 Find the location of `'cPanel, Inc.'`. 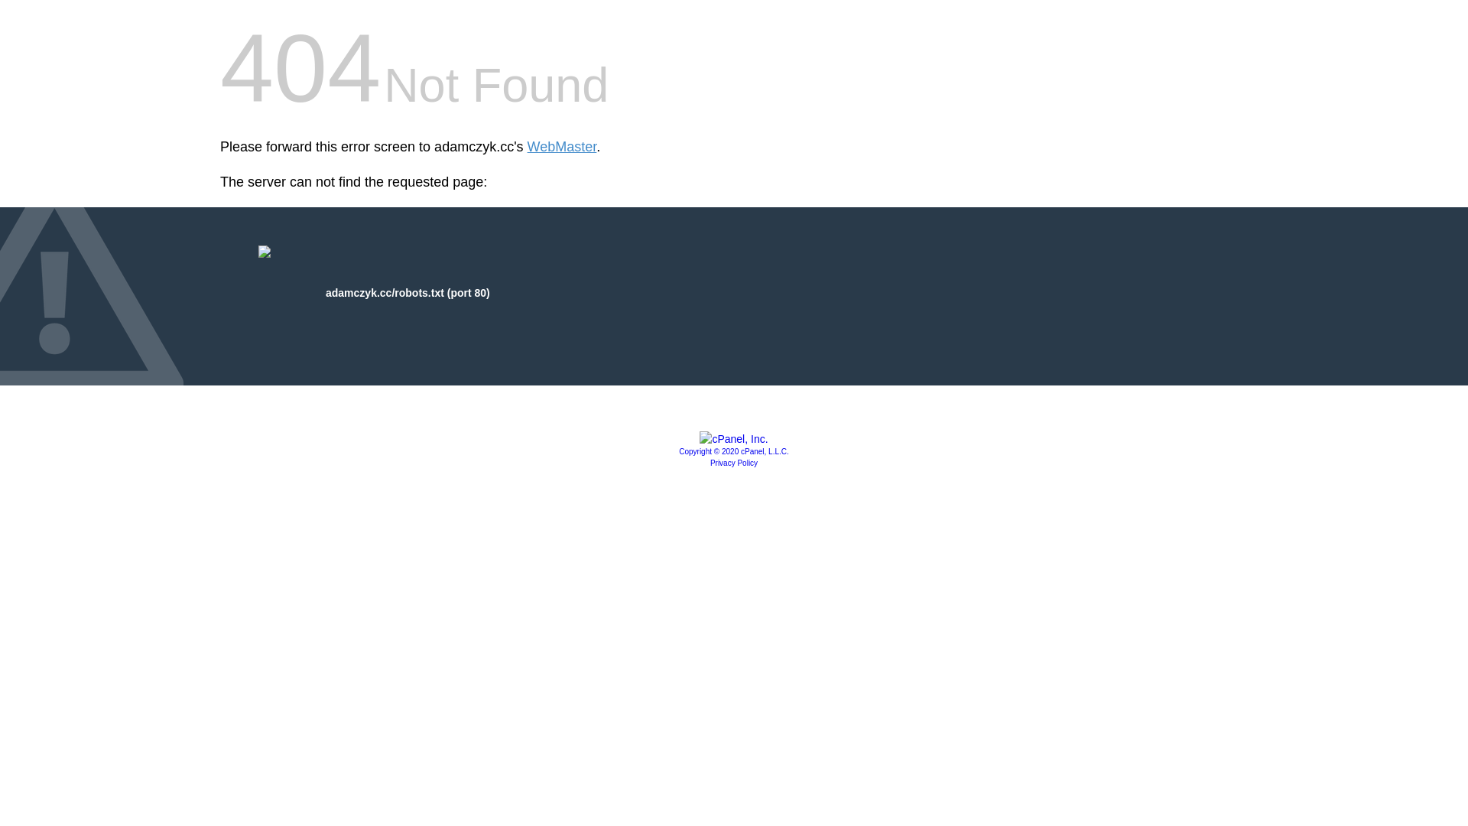

'cPanel, Inc.' is located at coordinates (732, 439).